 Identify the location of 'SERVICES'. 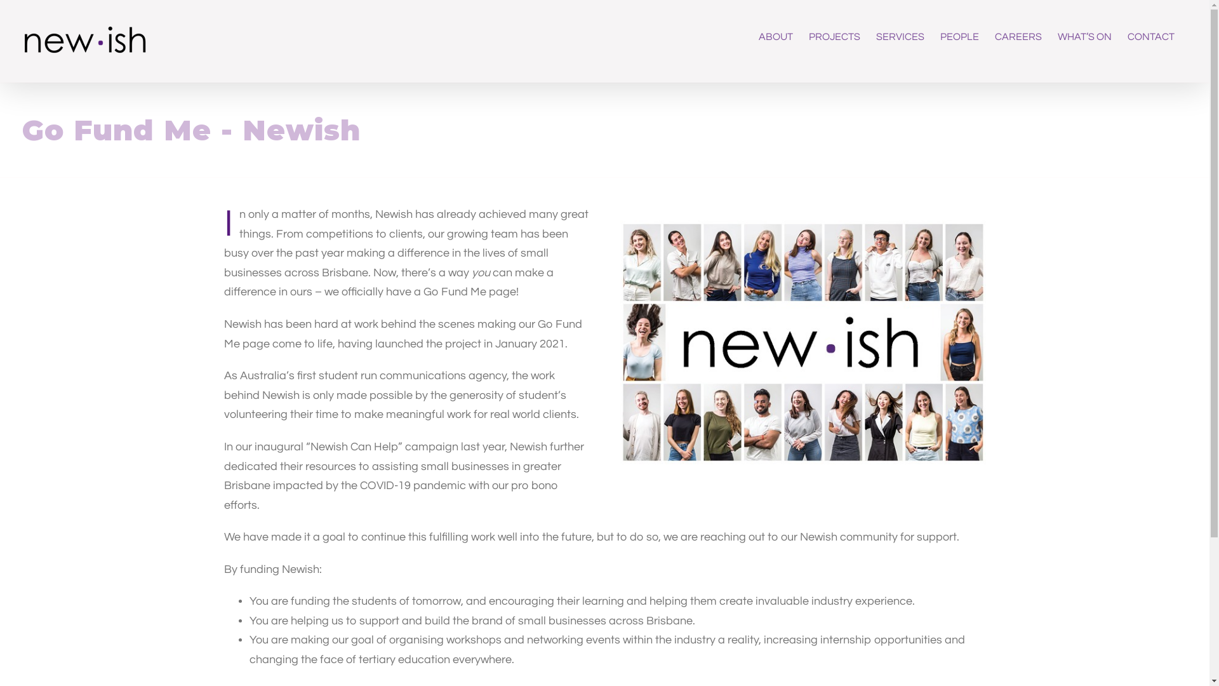
(899, 36).